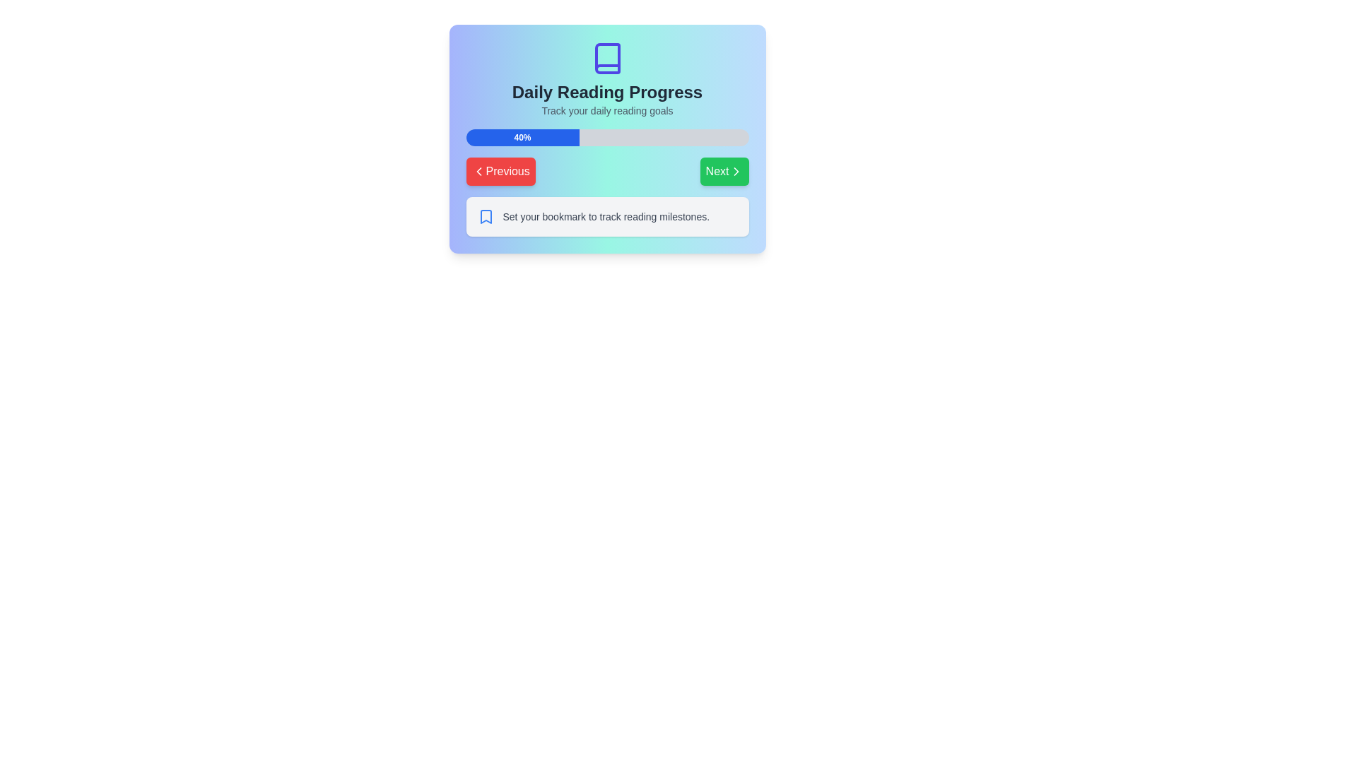  I want to click on the informational block that conveys the title and purpose of the daily reading progress tracking functionality, located at the top section of a colorful card interface, so click(607, 79).